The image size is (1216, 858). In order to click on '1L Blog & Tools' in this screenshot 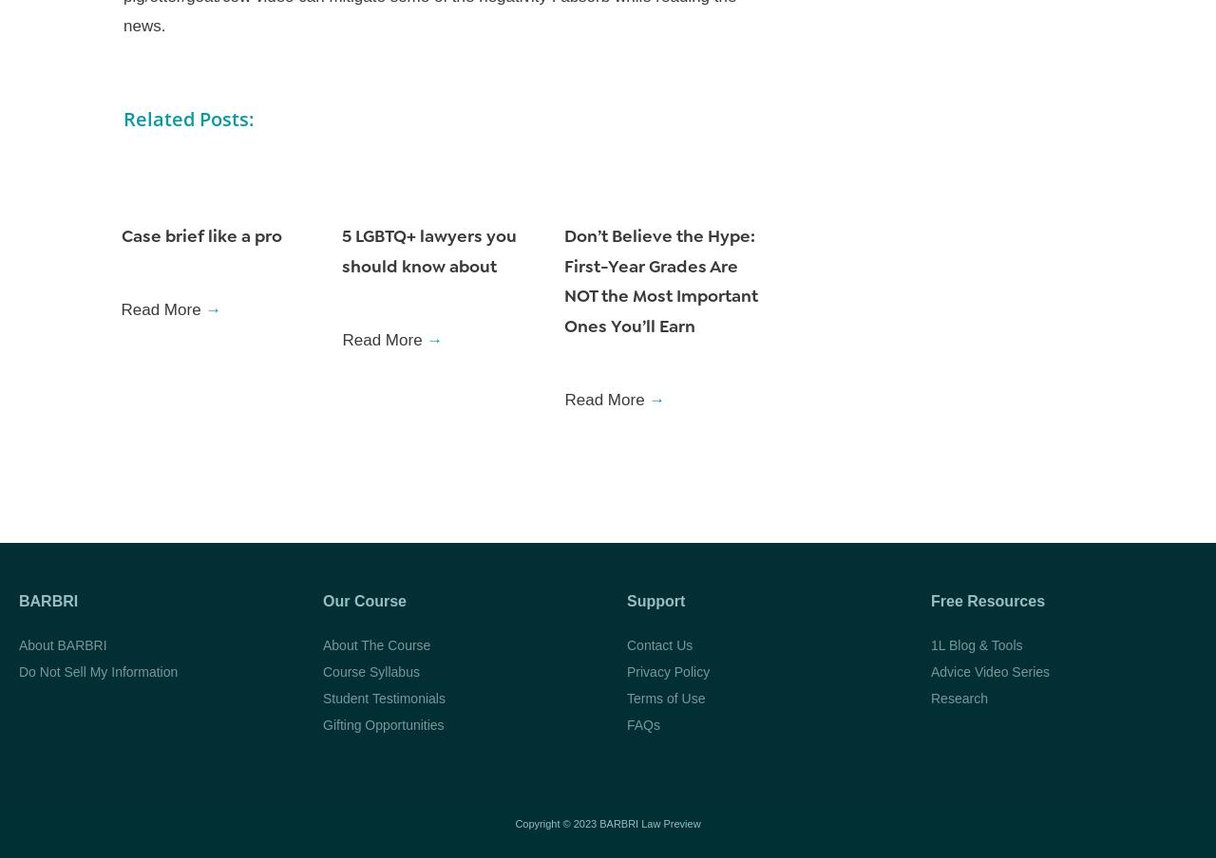, I will do `click(976, 643)`.